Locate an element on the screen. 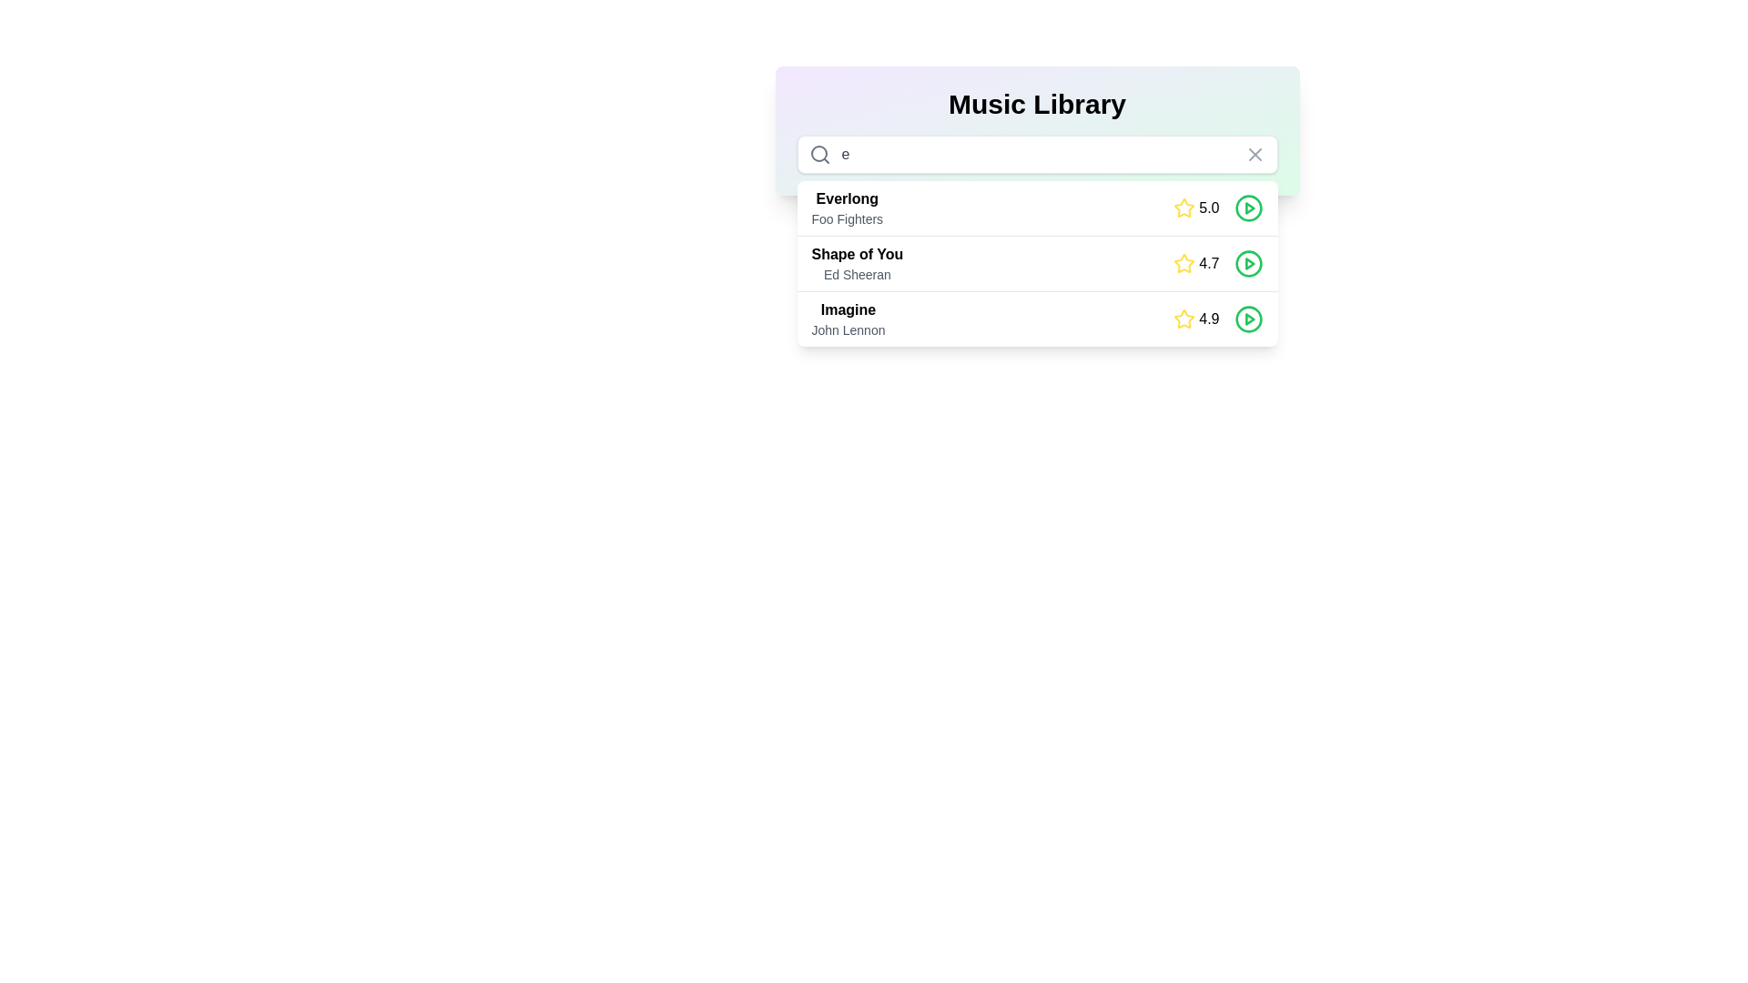 This screenshot has height=983, width=1748. the triangular play icon nested within the circular button to the right of the second list item to initiate playback is located at coordinates (1248, 207).